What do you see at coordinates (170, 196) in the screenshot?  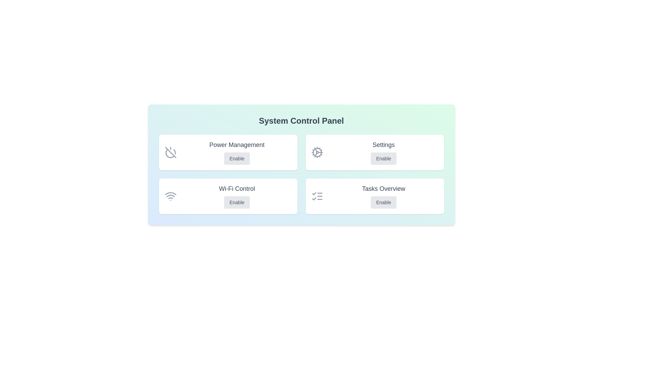 I see `the second arc of the Wi-Fi icon located in the bottom-left quadrant beneath the 'Wi-Fi Control' heading` at bounding box center [170, 196].